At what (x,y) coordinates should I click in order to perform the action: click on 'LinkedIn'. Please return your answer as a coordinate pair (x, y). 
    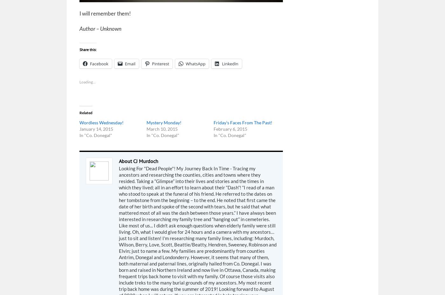
    Looking at the image, I should click on (230, 63).